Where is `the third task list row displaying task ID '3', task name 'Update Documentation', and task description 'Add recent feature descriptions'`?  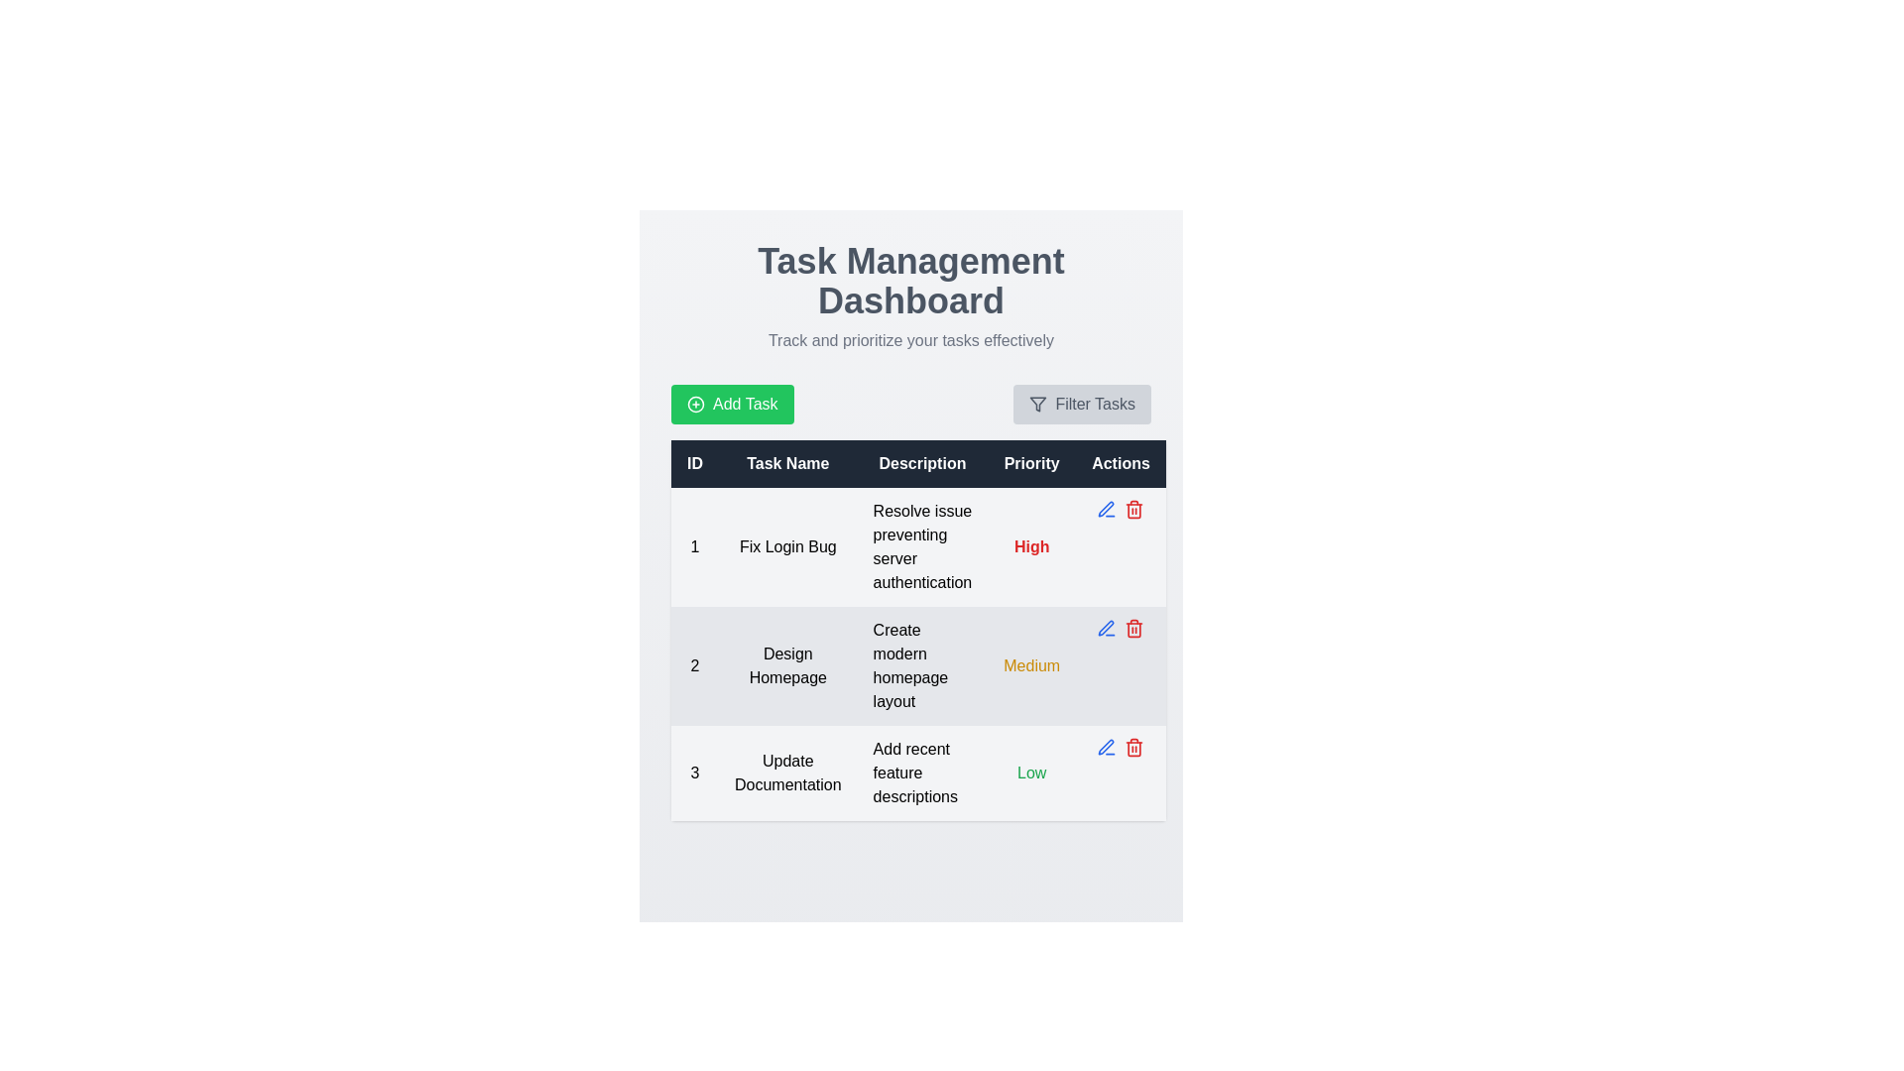
the third task list row displaying task ID '3', task name 'Update Documentation', and task description 'Add recent feature descriptions' is located at coordinates (917, 772).